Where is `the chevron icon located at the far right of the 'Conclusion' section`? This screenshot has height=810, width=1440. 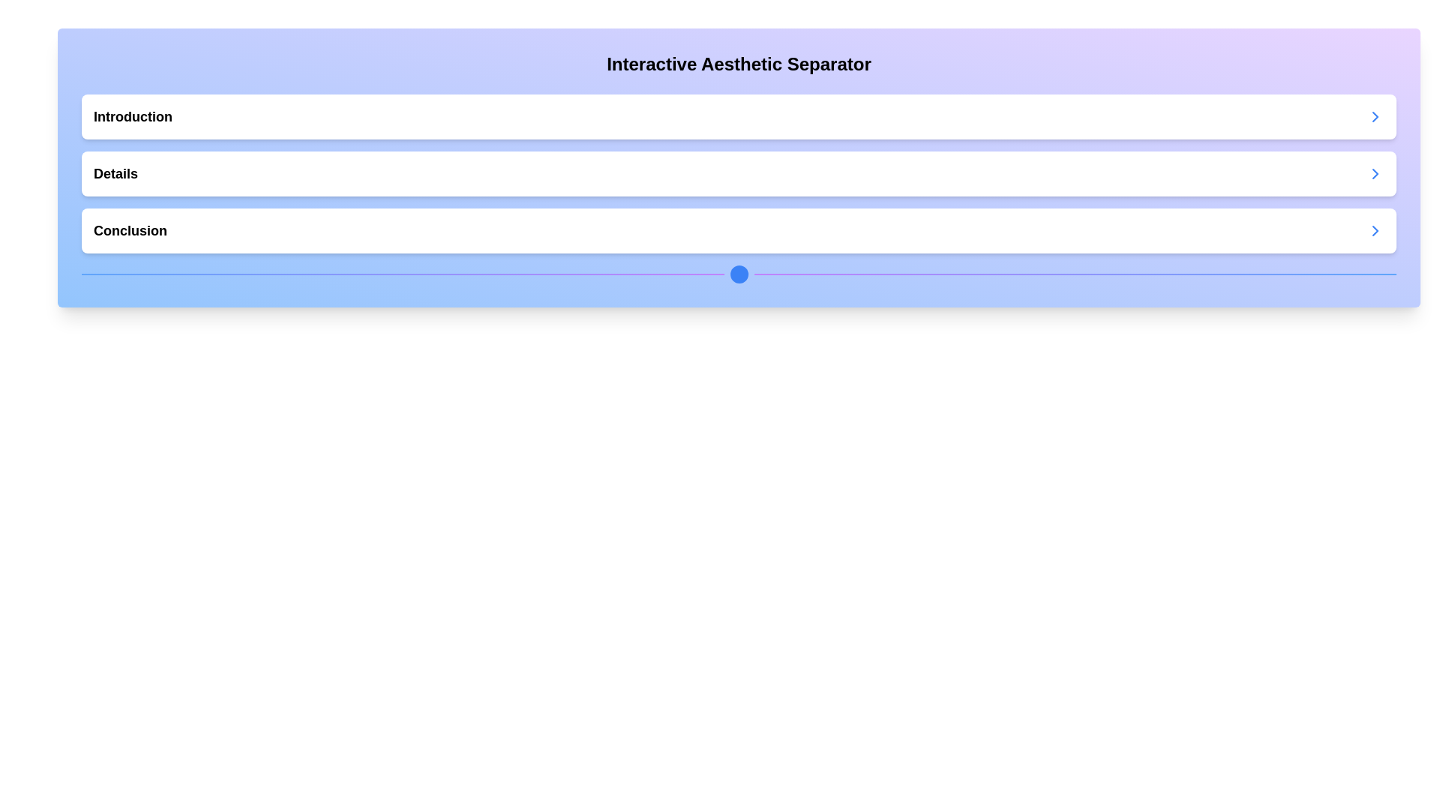 the chevron icon located at the far right of the 'Conclusion' section is located at coordinates (1375, 231).